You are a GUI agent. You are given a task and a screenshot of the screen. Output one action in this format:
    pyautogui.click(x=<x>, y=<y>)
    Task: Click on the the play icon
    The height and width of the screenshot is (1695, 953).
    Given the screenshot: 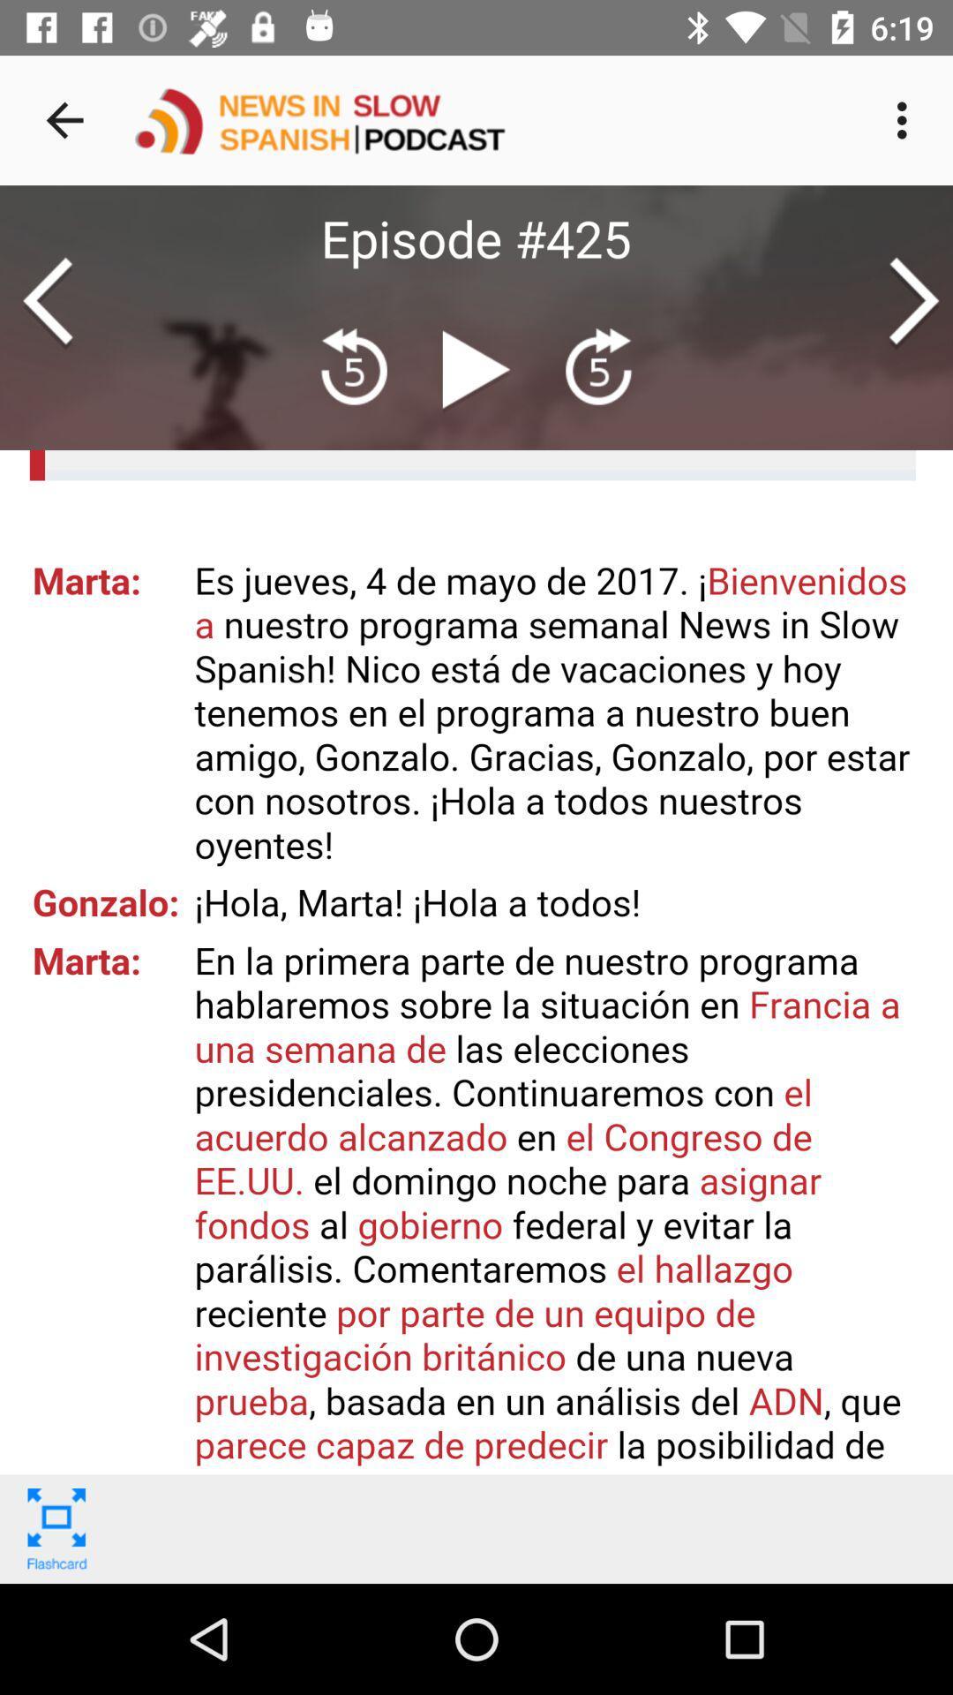 What is the action you would take?
    pyautogui.click(x=476, y=374)
    